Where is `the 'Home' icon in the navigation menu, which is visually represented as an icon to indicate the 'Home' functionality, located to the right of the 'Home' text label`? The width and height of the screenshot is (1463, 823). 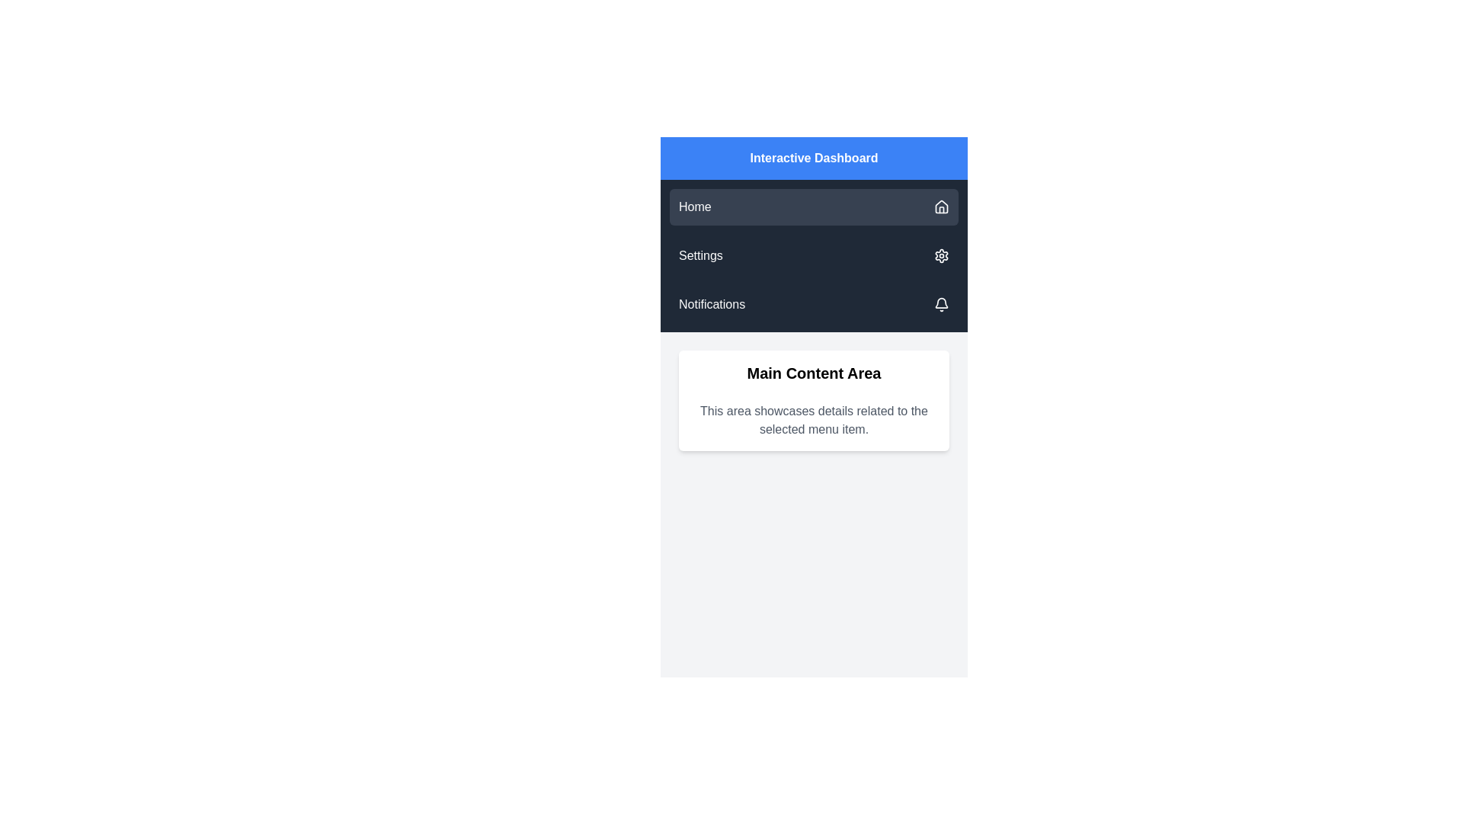 the 'Home' icon in the navigation menu, which is visually represented as an icon to indicate the 'Home' functionality, located to the right of the 'Home' text label is located at coordinates (941, 206).